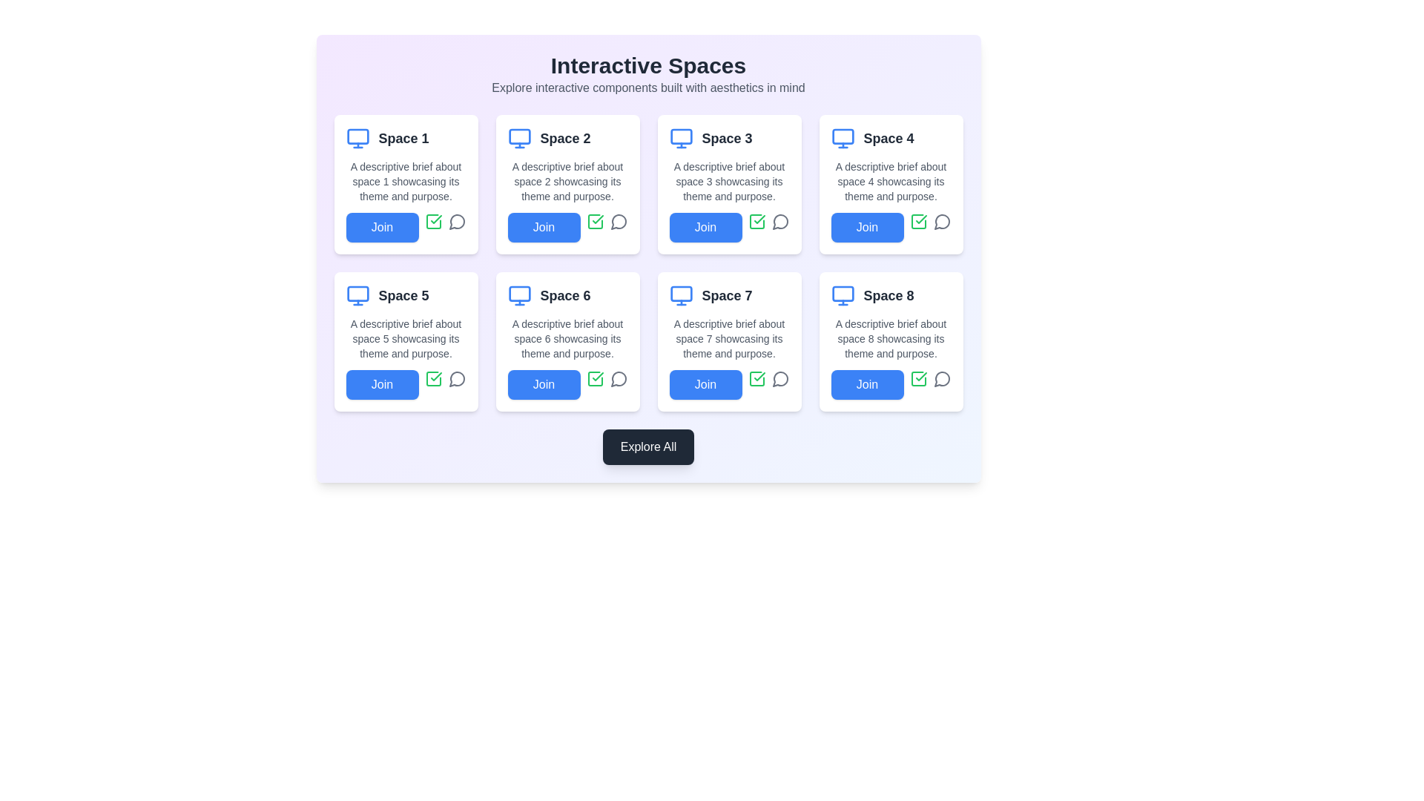  Describe the element at coordinates (705, 384) in the screenshot. I see `the button located in the bottom section of the 'Space 7' card to observe a potential styling change` at that location.